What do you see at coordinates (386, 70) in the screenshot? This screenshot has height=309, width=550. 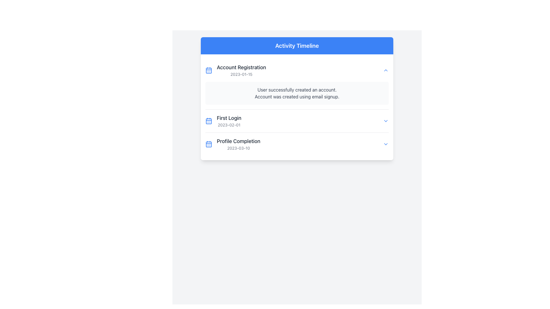 I see `the icon button located at the top-right corner of the 'Account Registration' card` at bounding box center [386, 70].